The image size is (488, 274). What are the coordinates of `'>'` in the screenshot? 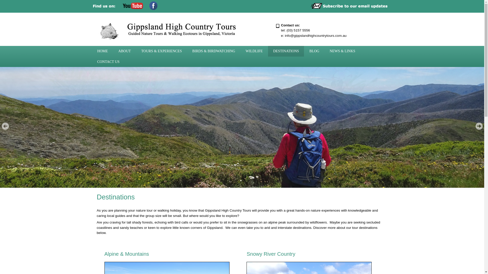 It's located at (475, 126).